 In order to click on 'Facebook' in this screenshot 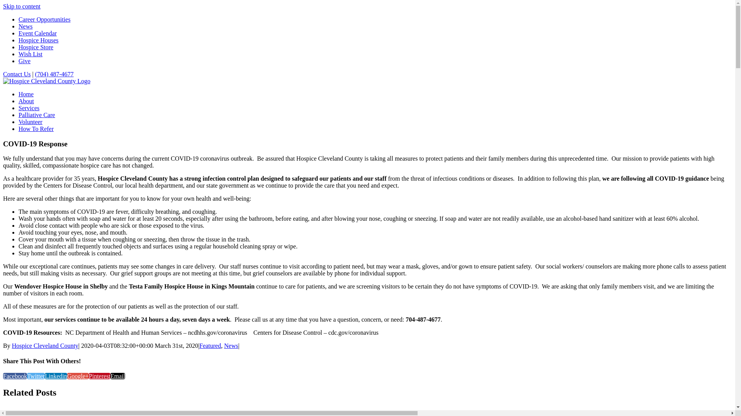, I will do `click(15, 376)`.